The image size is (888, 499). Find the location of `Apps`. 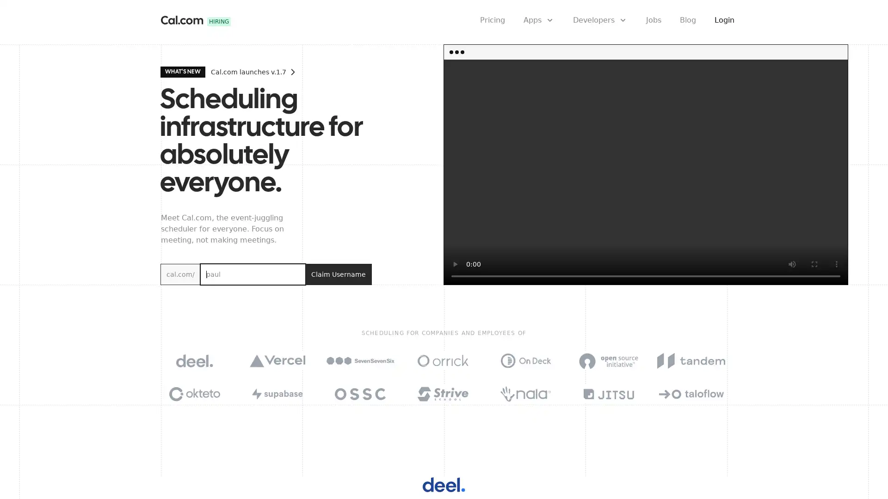

Apps is located at coordinates (539, 20).